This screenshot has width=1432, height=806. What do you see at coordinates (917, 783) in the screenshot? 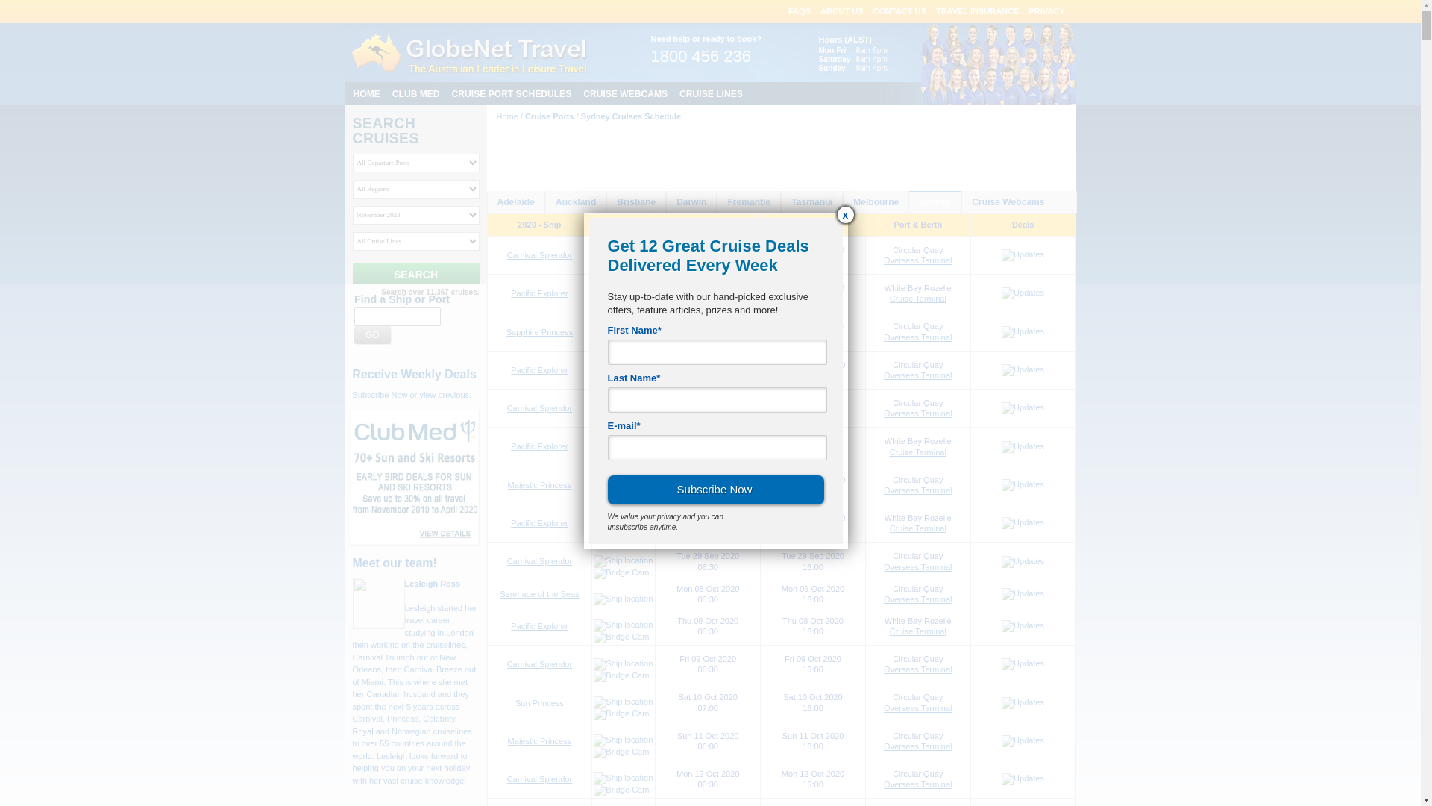
I see `'Overseas Terminal'` at bounding box center [917, 783].